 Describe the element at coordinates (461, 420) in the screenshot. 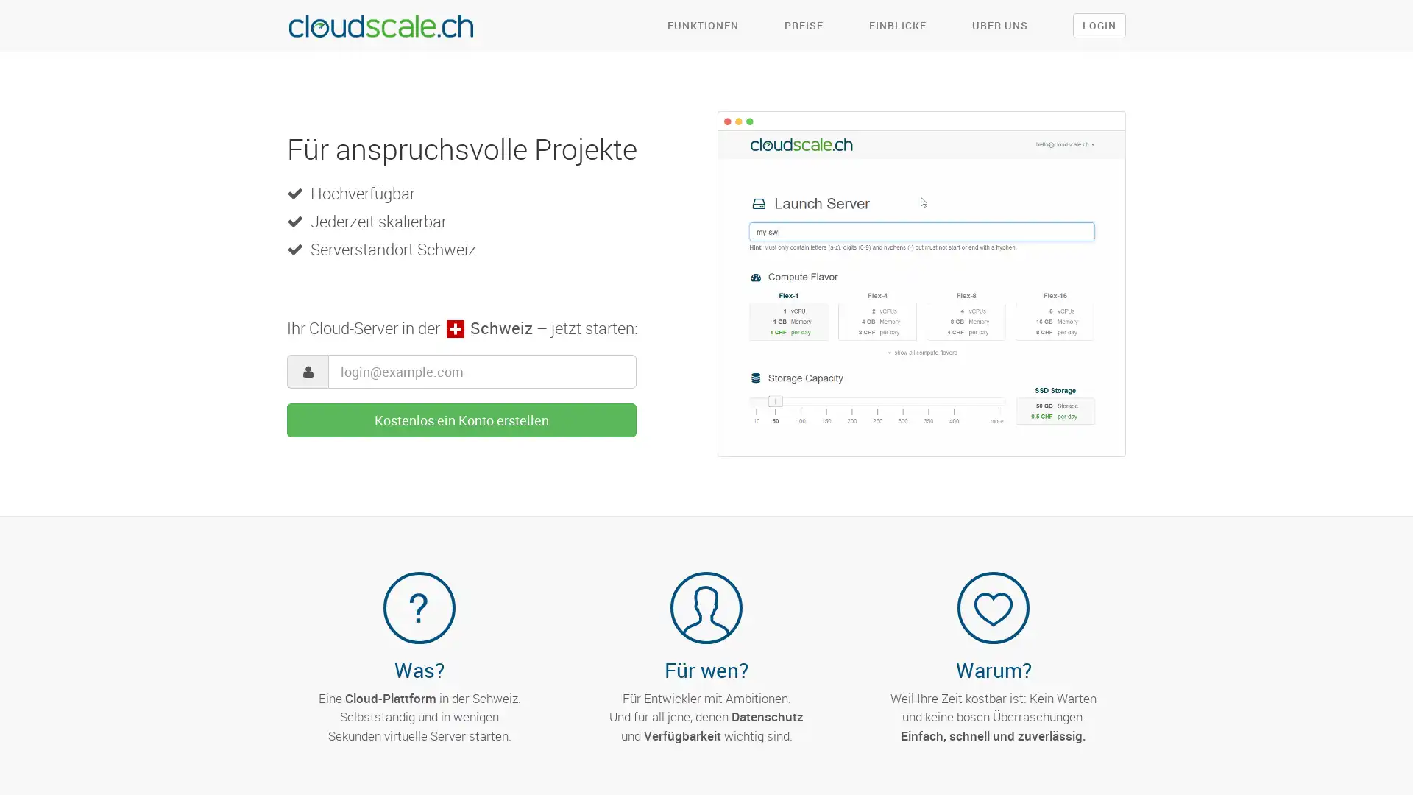

I see `Kostenlos ein Konto erstellen` at that location.